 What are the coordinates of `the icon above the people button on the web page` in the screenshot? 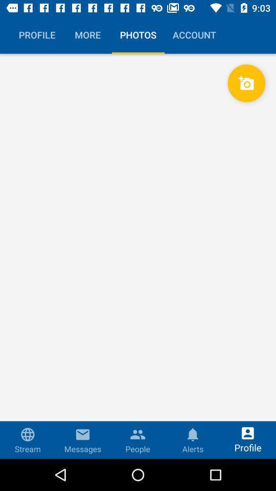 It's located at (137, 431).